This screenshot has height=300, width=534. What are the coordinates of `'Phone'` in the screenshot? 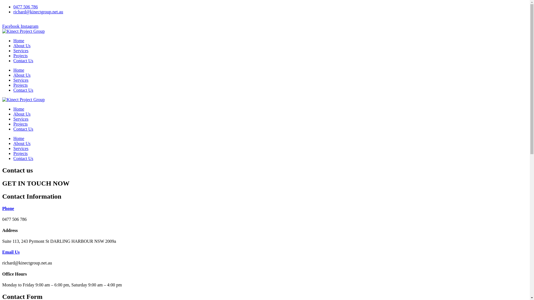 It's located at (2, 208).